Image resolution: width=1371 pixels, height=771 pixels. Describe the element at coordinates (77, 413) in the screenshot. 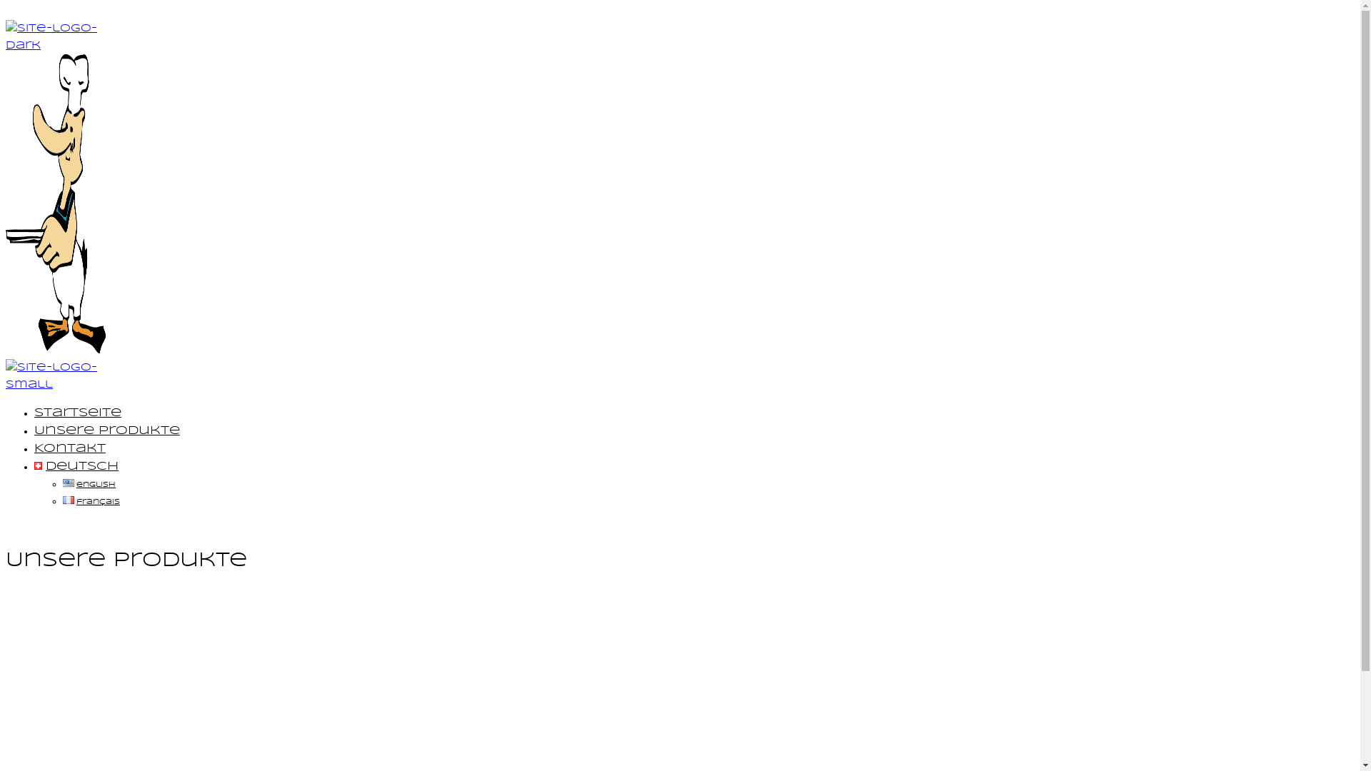

I see `'Startseite'` at that location.